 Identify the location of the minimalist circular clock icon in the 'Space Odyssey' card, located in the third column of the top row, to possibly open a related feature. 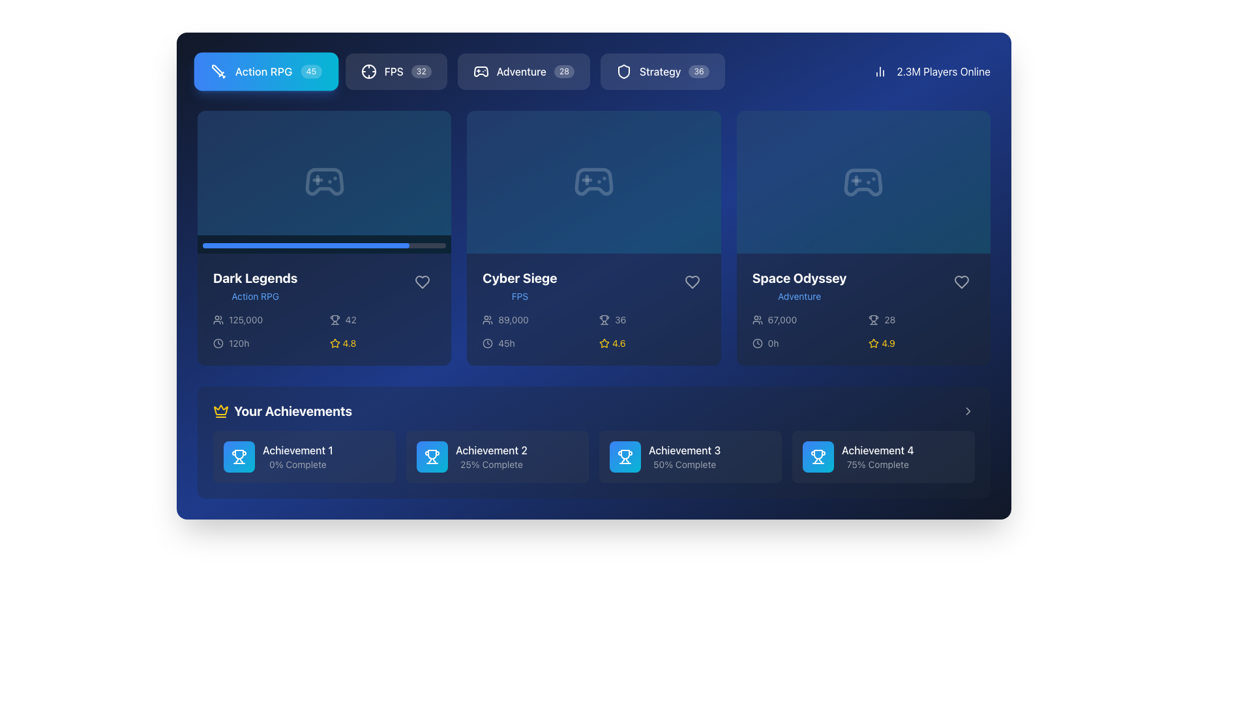
(757, 343).